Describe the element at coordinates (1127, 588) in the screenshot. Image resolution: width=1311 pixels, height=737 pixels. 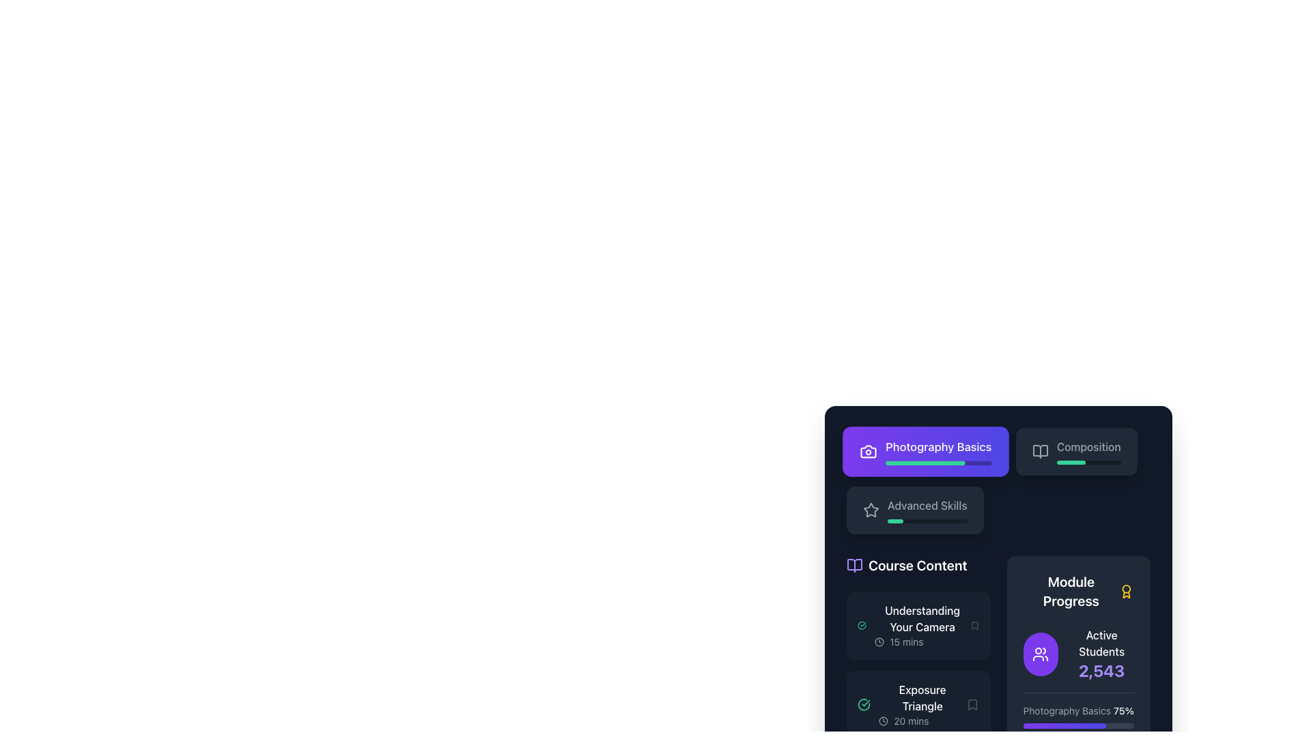
I see `the circular part of the medal icon located at the top right of the 'Module Progress' section, which symbolizes completion or achievement within a module or course` at that location.